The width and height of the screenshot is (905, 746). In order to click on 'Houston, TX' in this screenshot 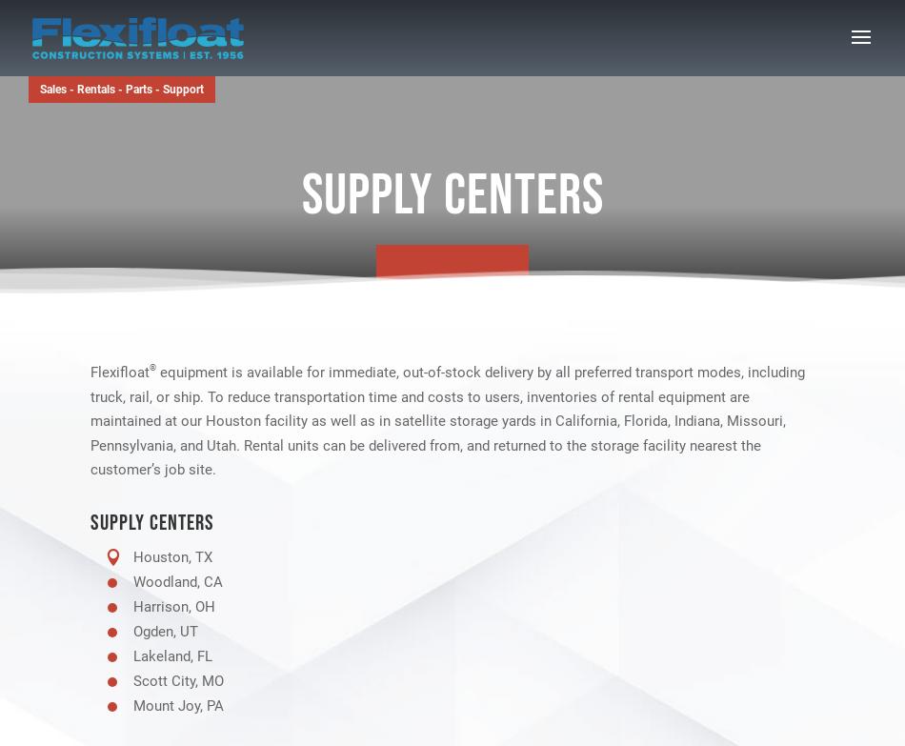, I will do `click(172, 554)`.